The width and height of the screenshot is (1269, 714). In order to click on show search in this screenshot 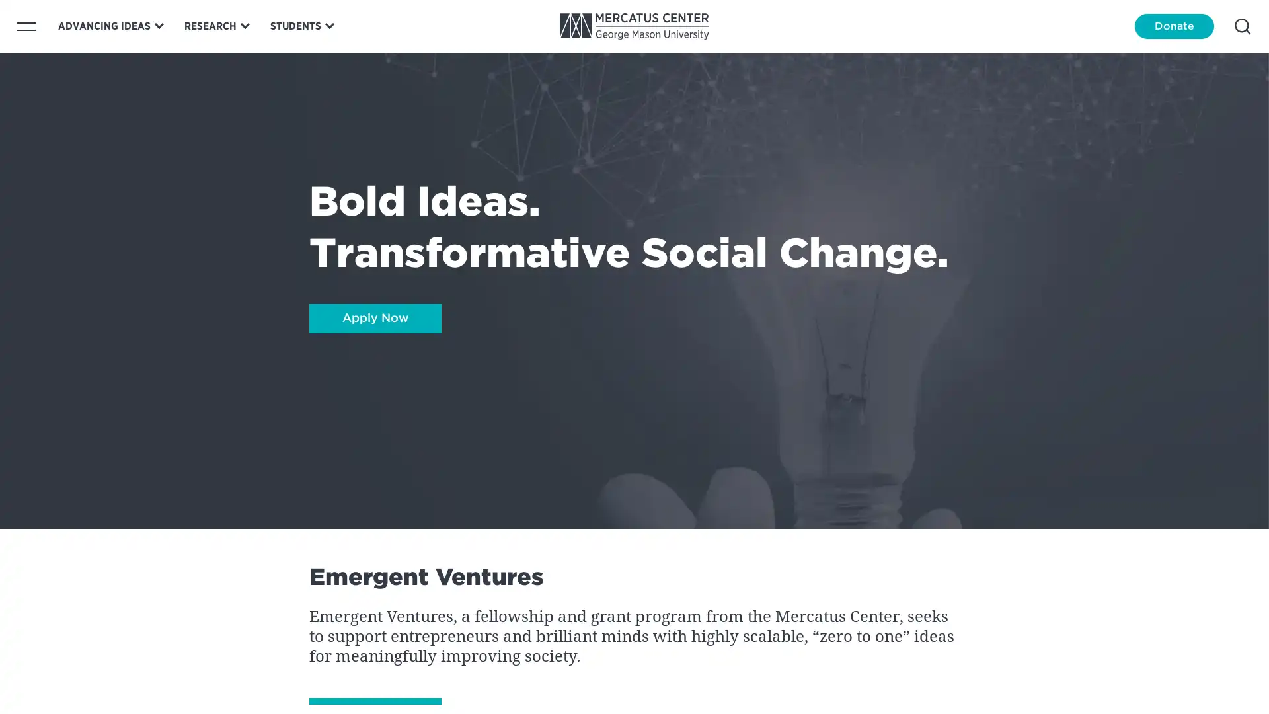, I will do `click(1242, 26)`.